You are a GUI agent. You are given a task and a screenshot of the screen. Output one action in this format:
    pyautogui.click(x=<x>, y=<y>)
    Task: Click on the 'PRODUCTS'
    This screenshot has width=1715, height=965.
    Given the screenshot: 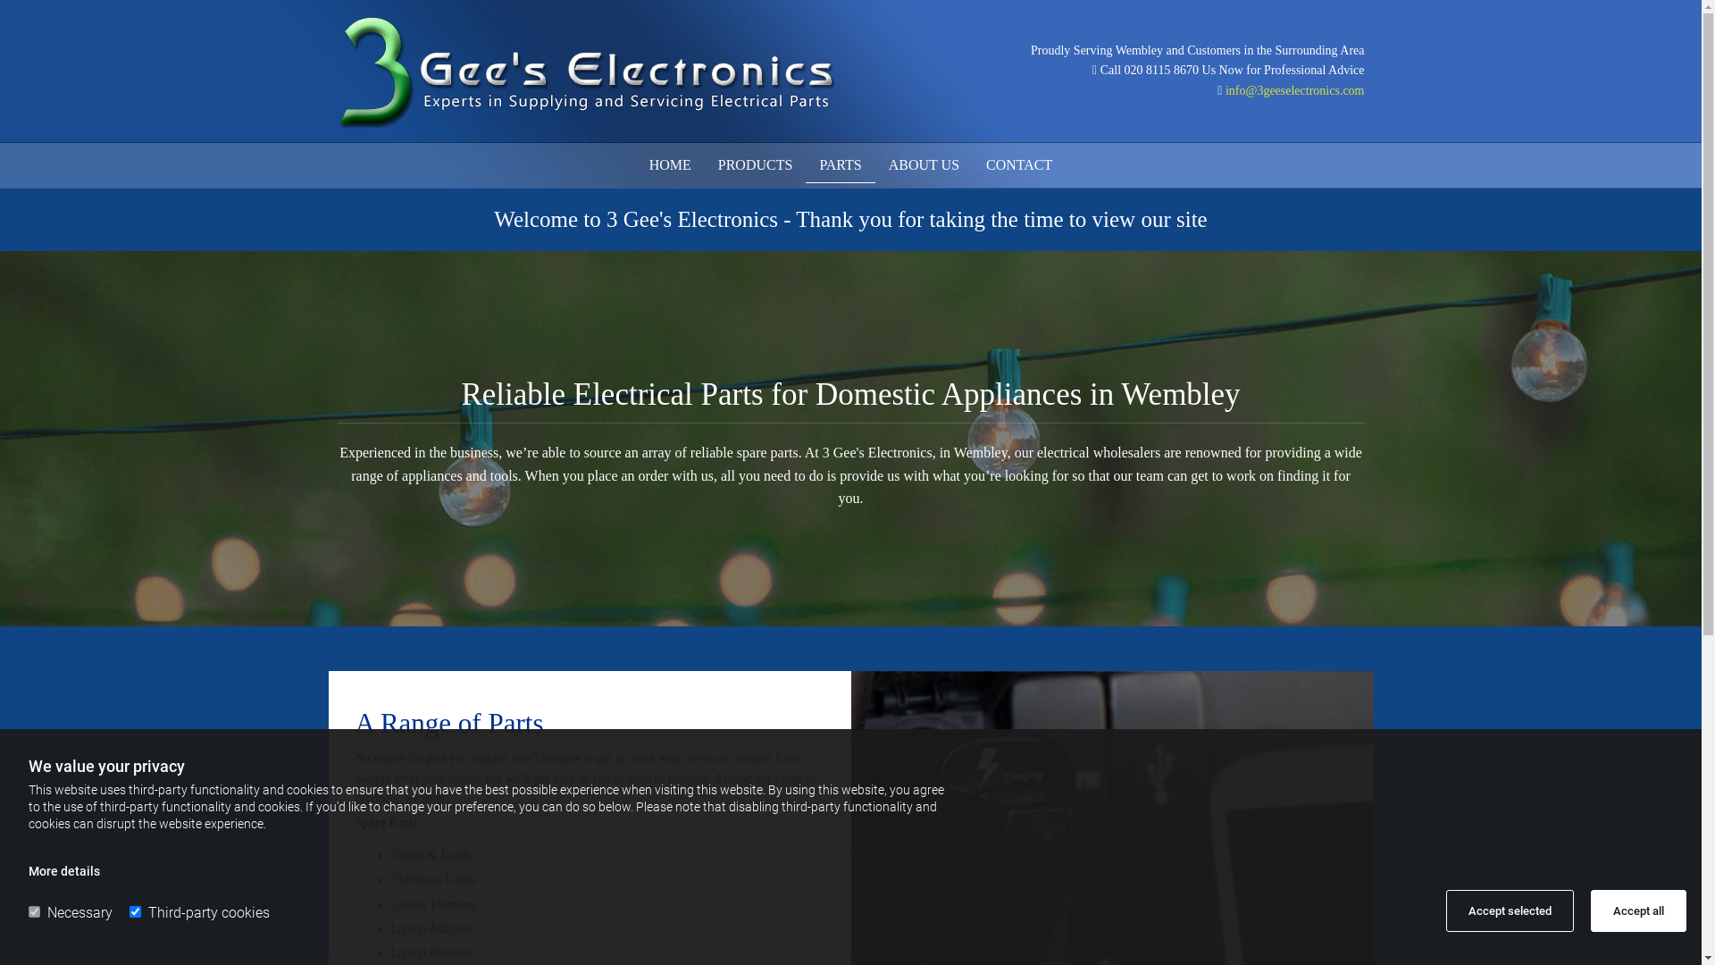 What is the action you would take?
    pyautogui.click(x=755, y=165)
    